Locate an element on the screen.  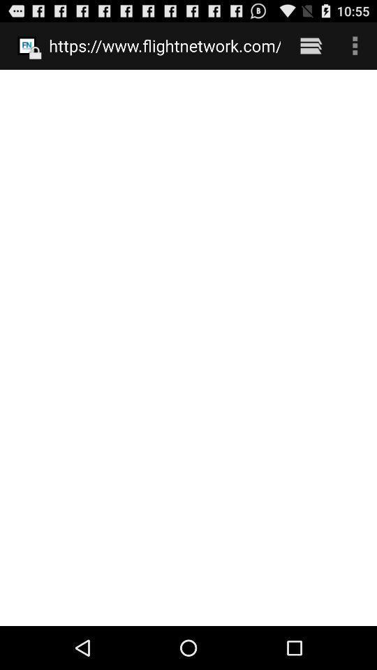
the icon below https www flightnetwork item is located at coordinates (188, 347).